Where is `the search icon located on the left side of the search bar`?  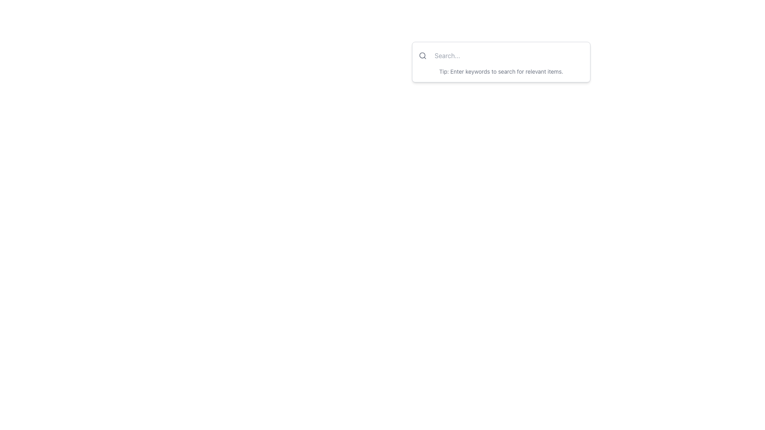 the search icon located on the left side of the search bar is located at coordinates (422, 55).